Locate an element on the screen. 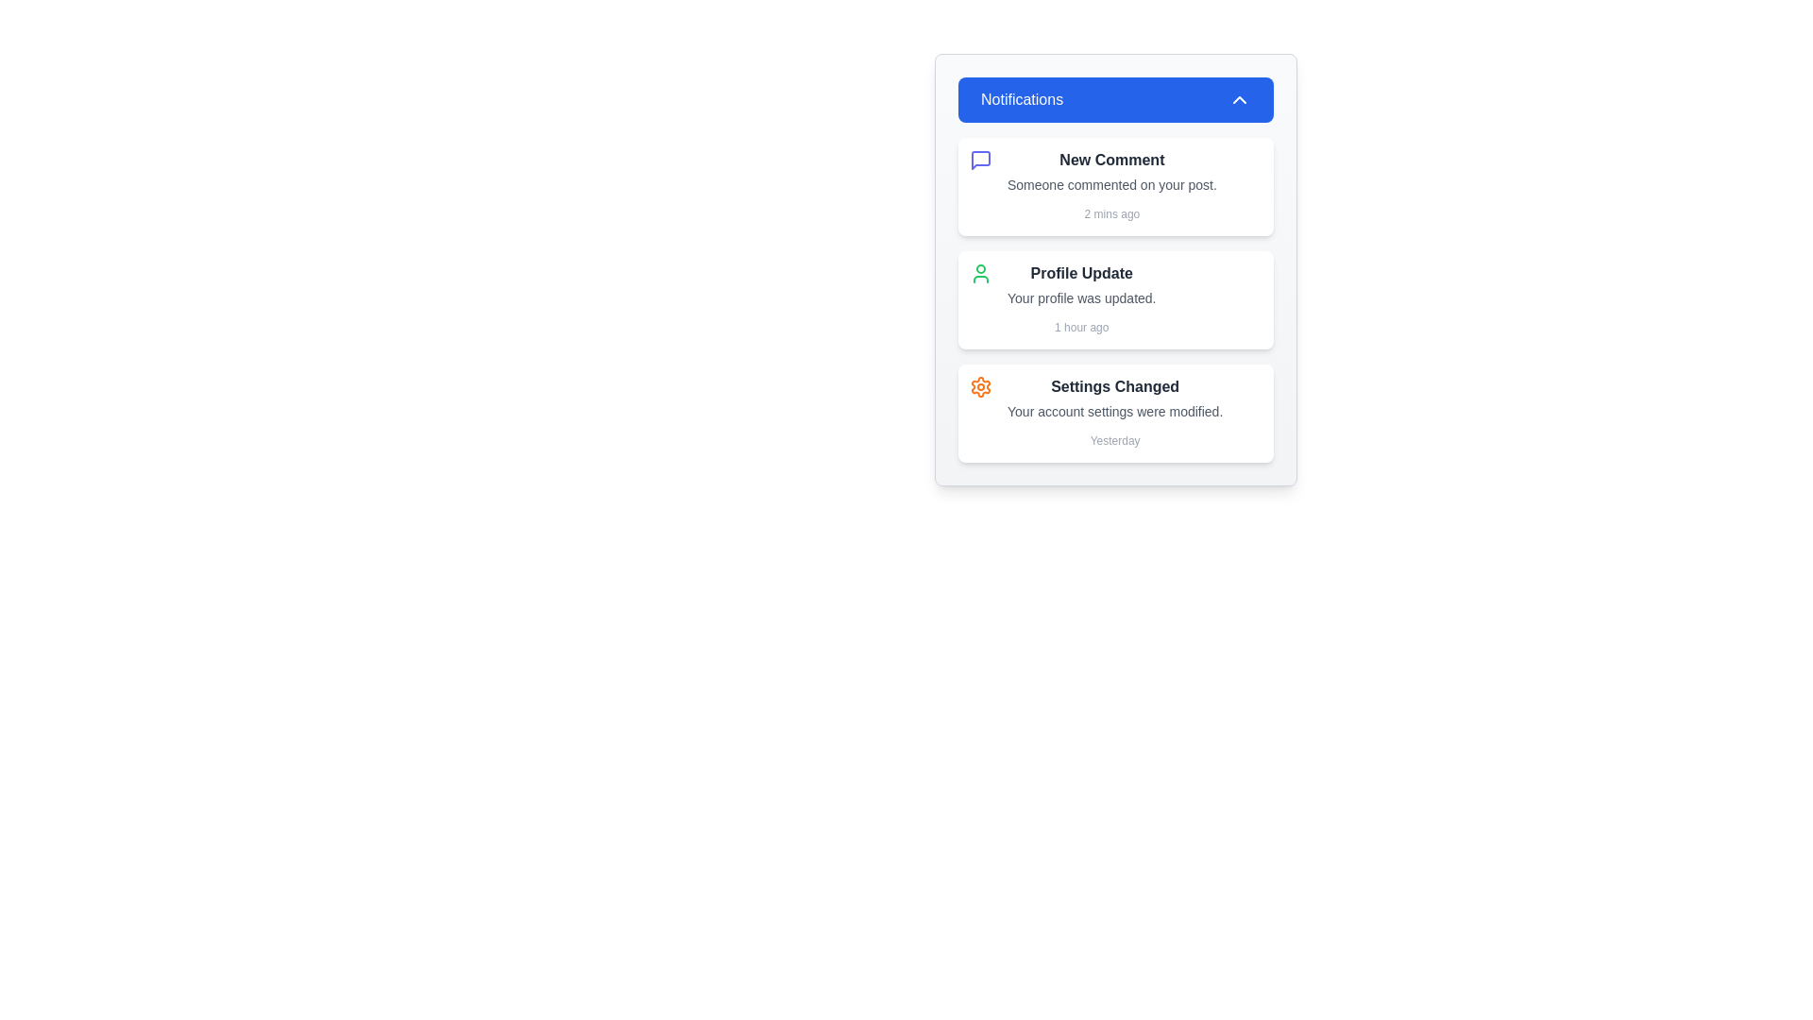  the 'New Comment' text label, which is displayed in bold dark gray at the top of the notification card under the 'Notifications' heading is located at coordinates (1111, 159).